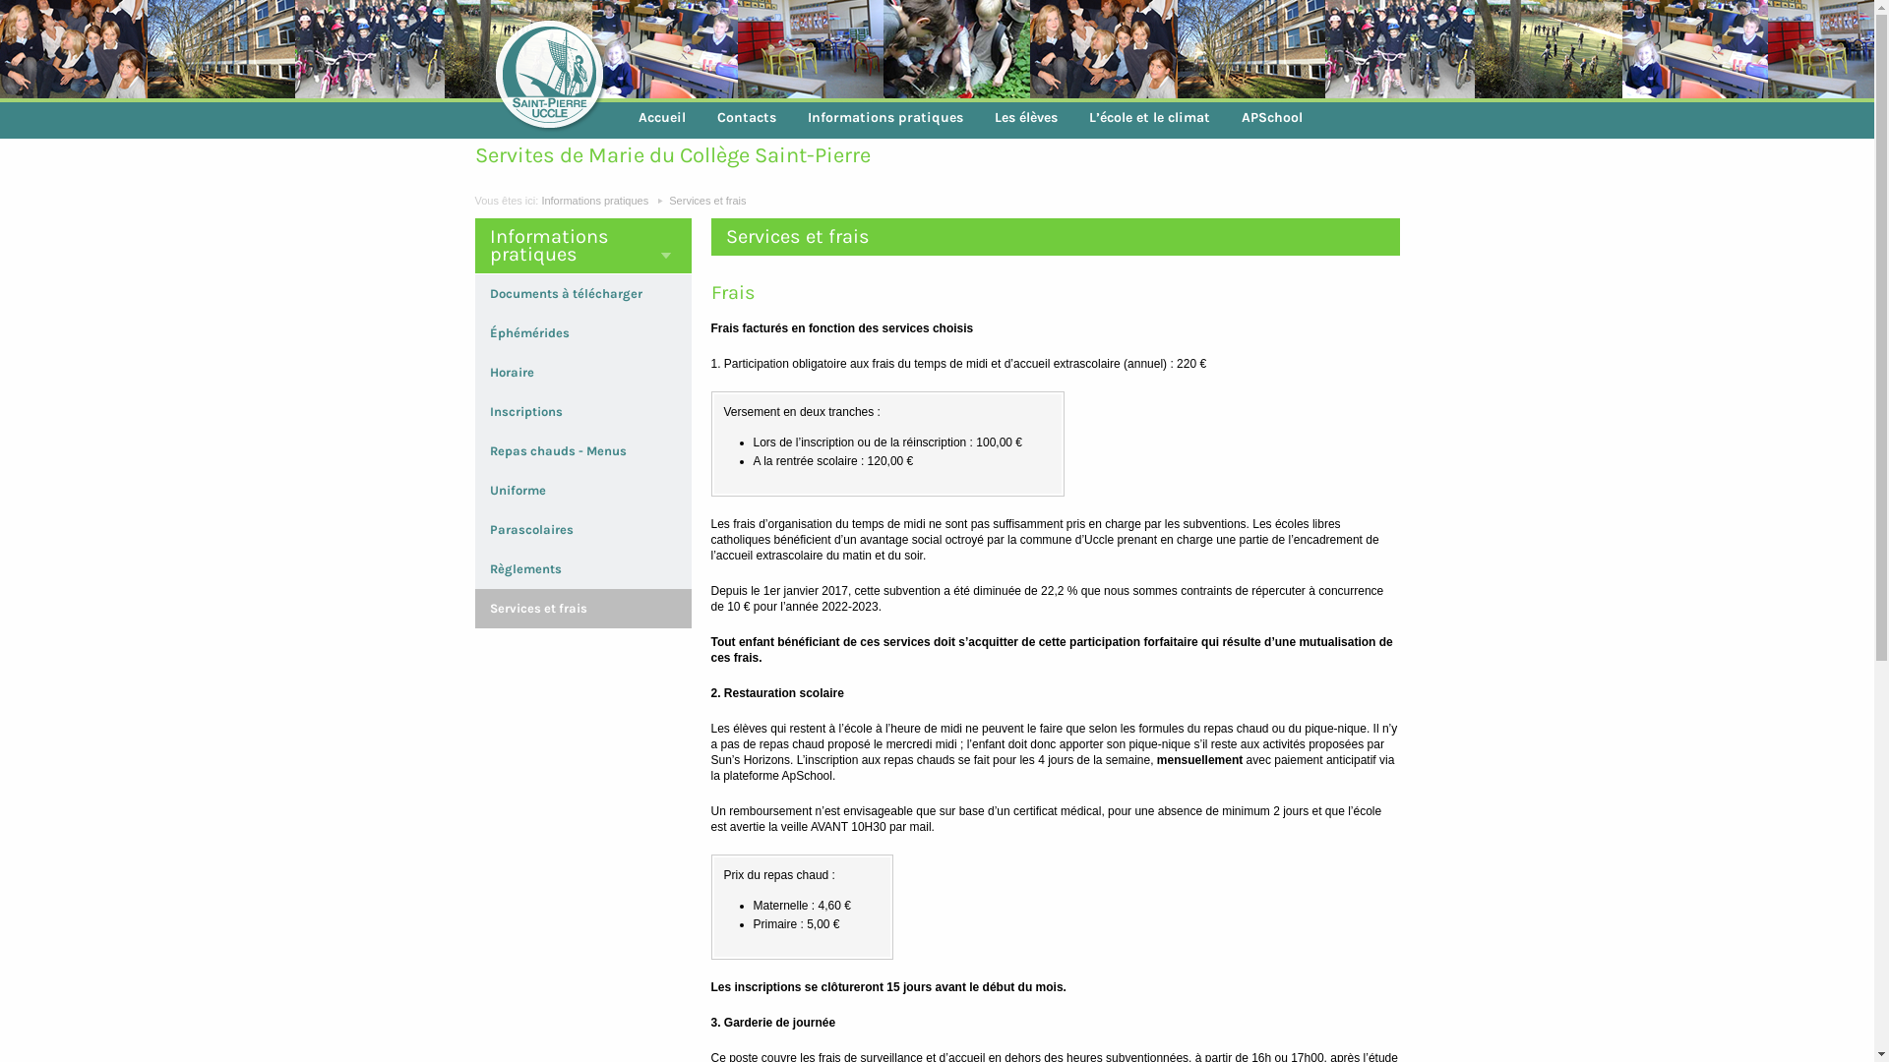 The height and width of the screenshot is (1062, 1889). I want to click on 'Parascolaires', so click(531, 528).